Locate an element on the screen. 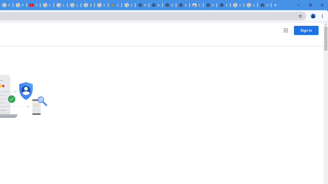  'YouTube' is located at coordinates (33, 5).